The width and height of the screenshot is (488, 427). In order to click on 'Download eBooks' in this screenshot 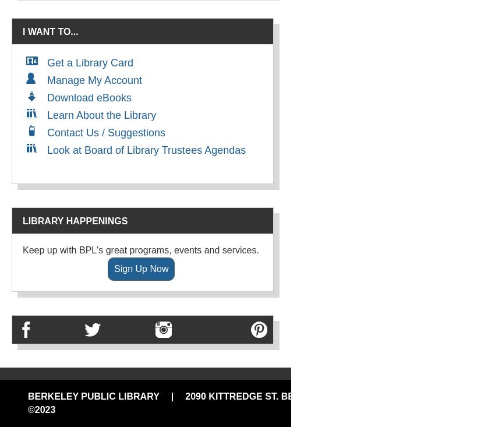, I will do `click(47, 97)`.